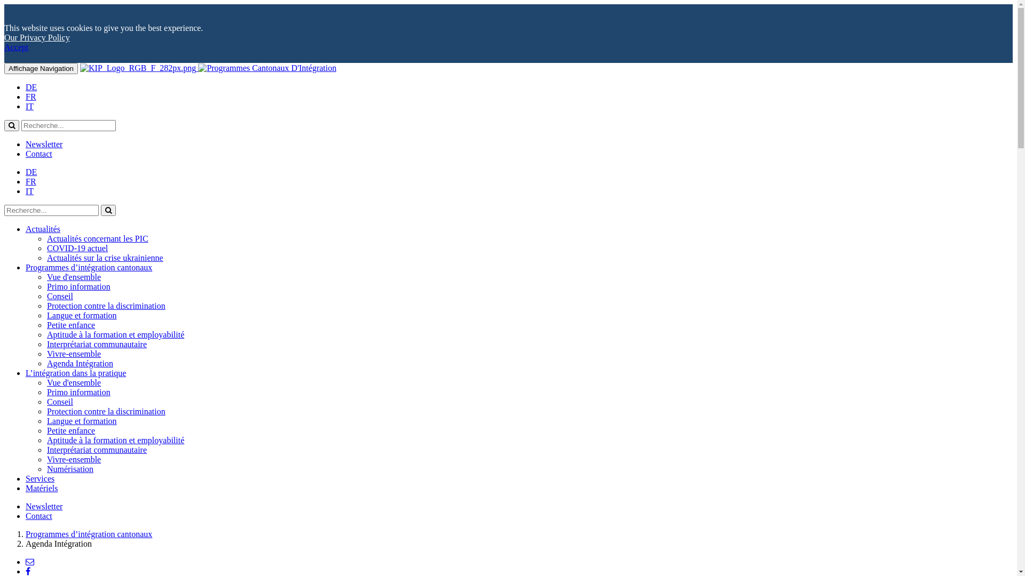 The image size is (1025, 576). I want to click on 'Contact', so click(38, 515).